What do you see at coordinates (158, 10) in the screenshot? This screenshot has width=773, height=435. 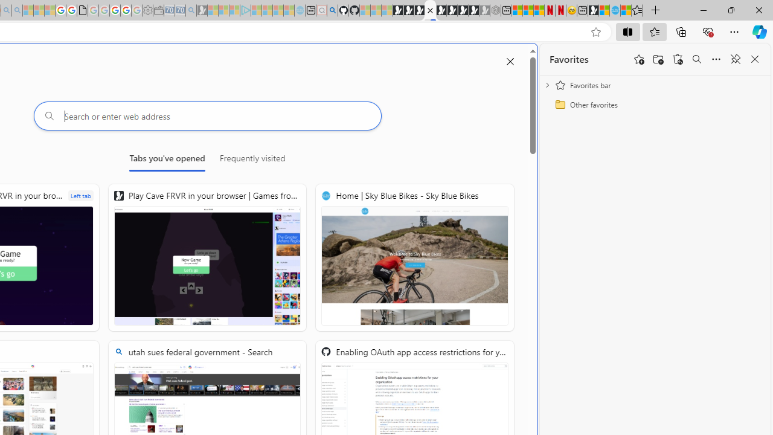 I see `'Wallet - Sleeping'` at bounding box center [158, 10].